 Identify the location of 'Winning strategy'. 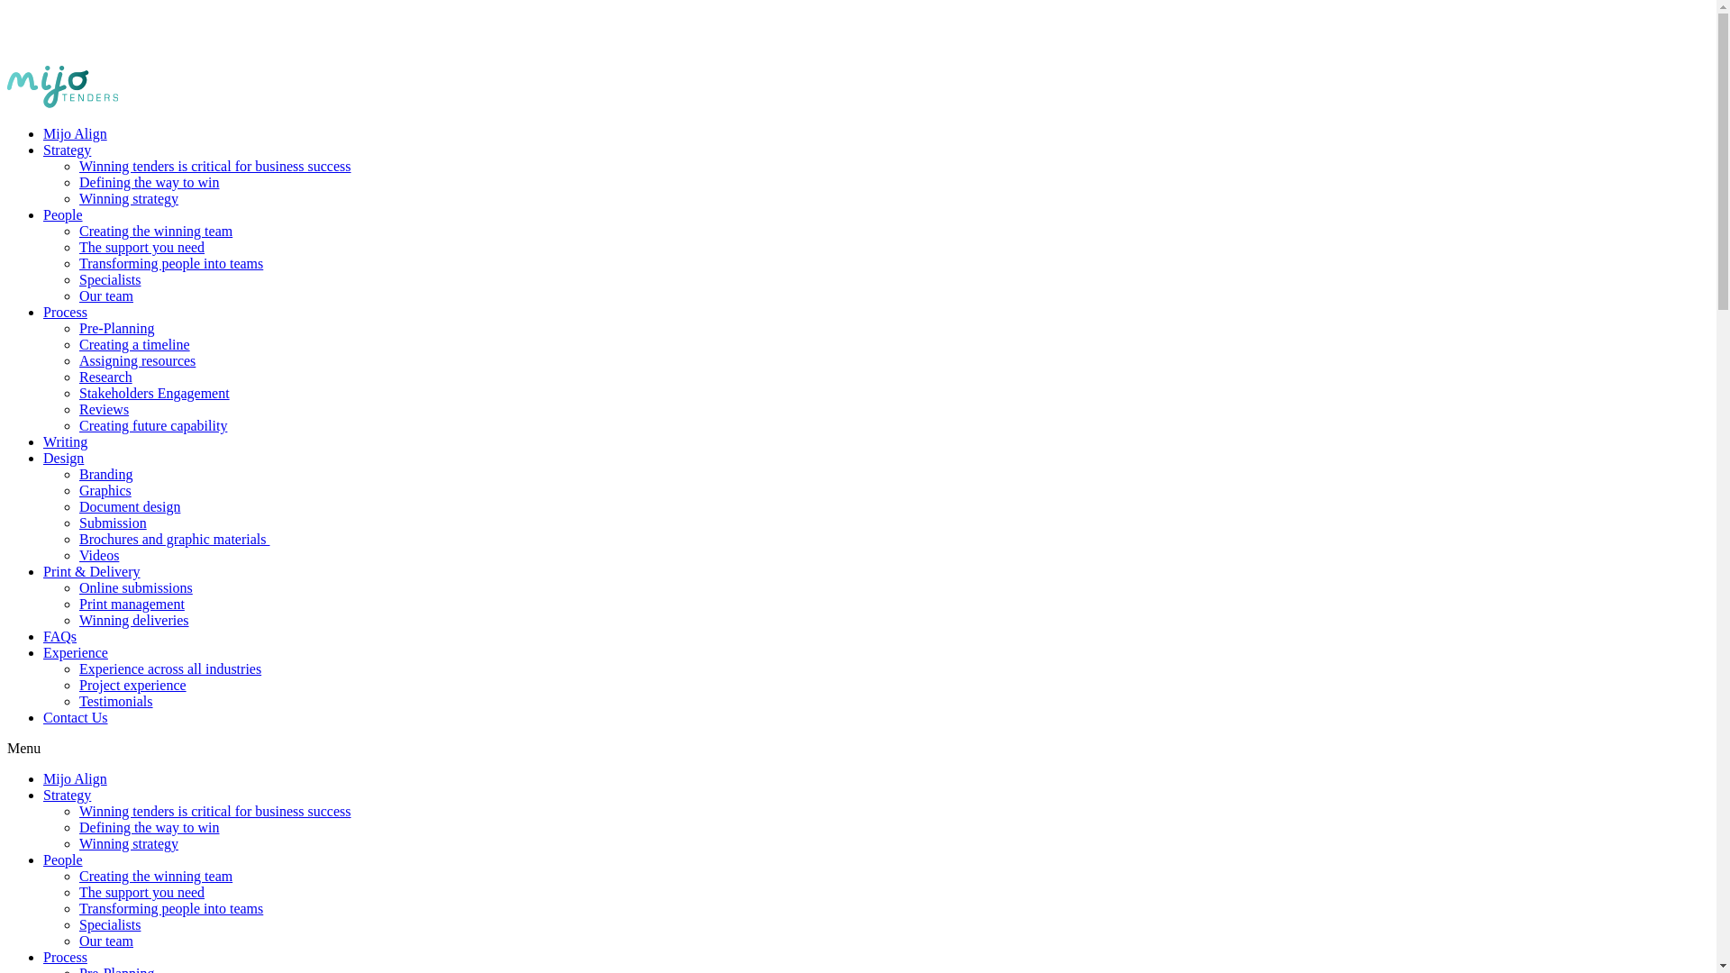
(77, 843).